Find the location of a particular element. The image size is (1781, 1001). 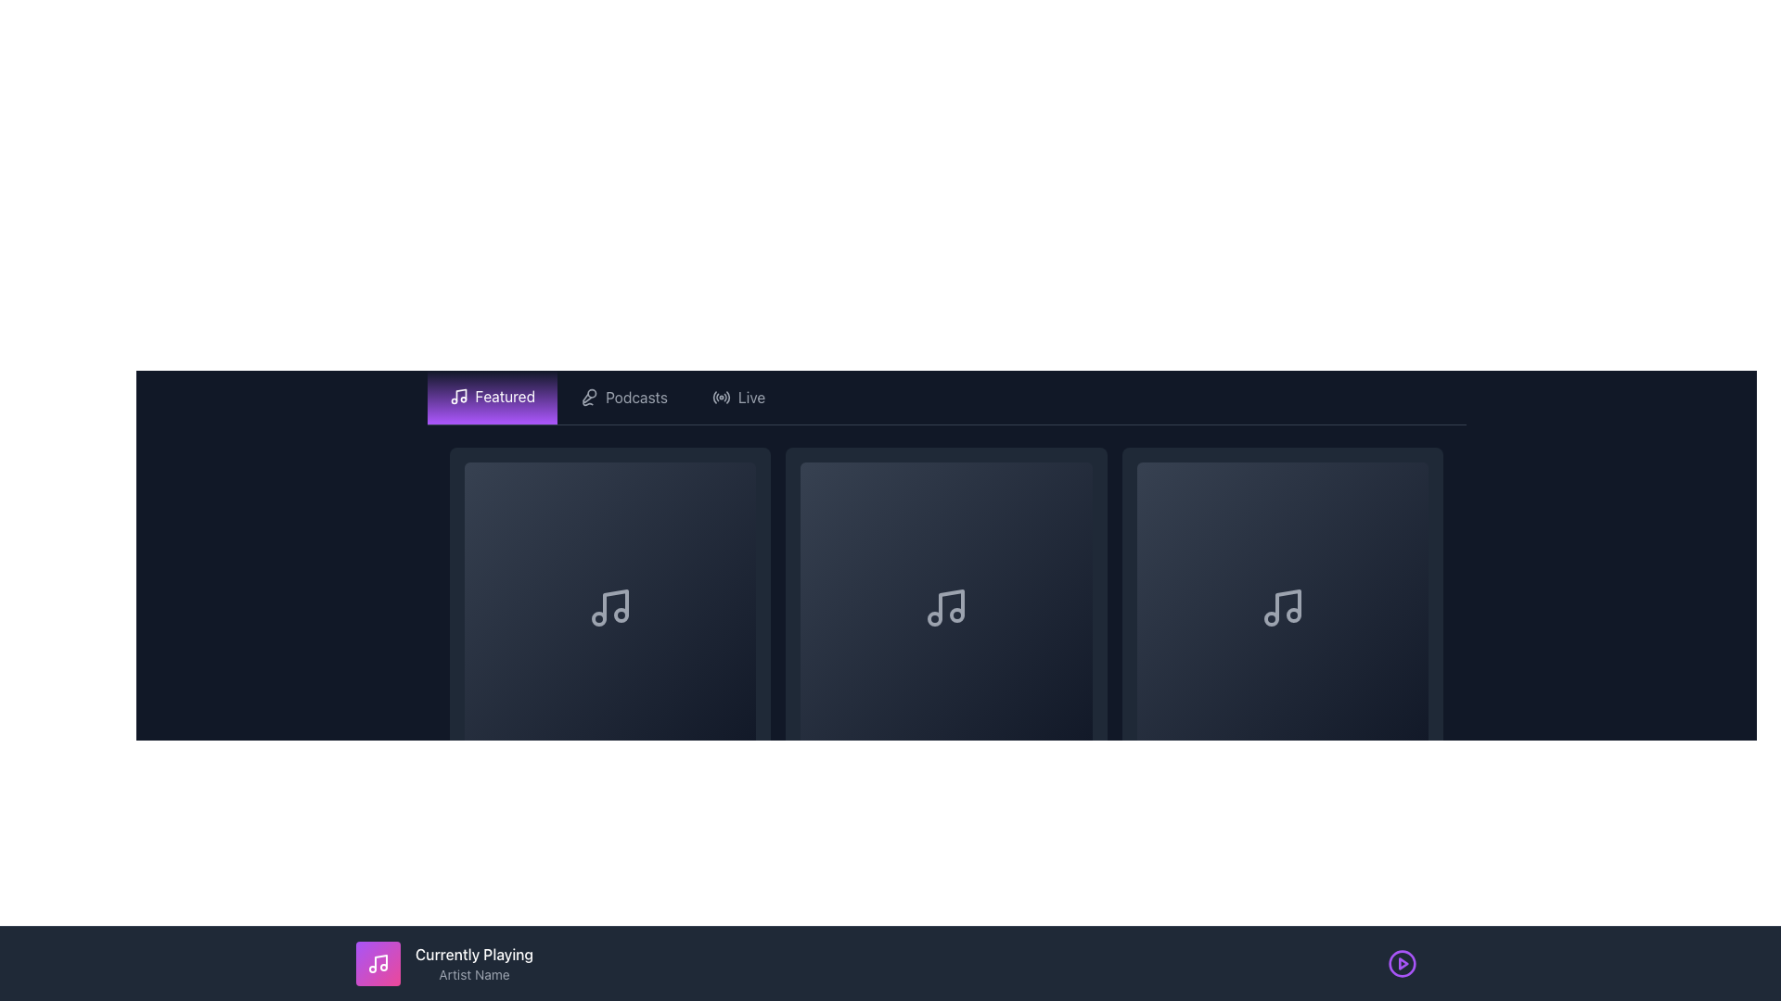

displayed text 'Currently Playing' from the text label that is styled with a medium font weight and appears above the caption 'Artist Name' in a music-related interface is located at coordinates (474, 954).